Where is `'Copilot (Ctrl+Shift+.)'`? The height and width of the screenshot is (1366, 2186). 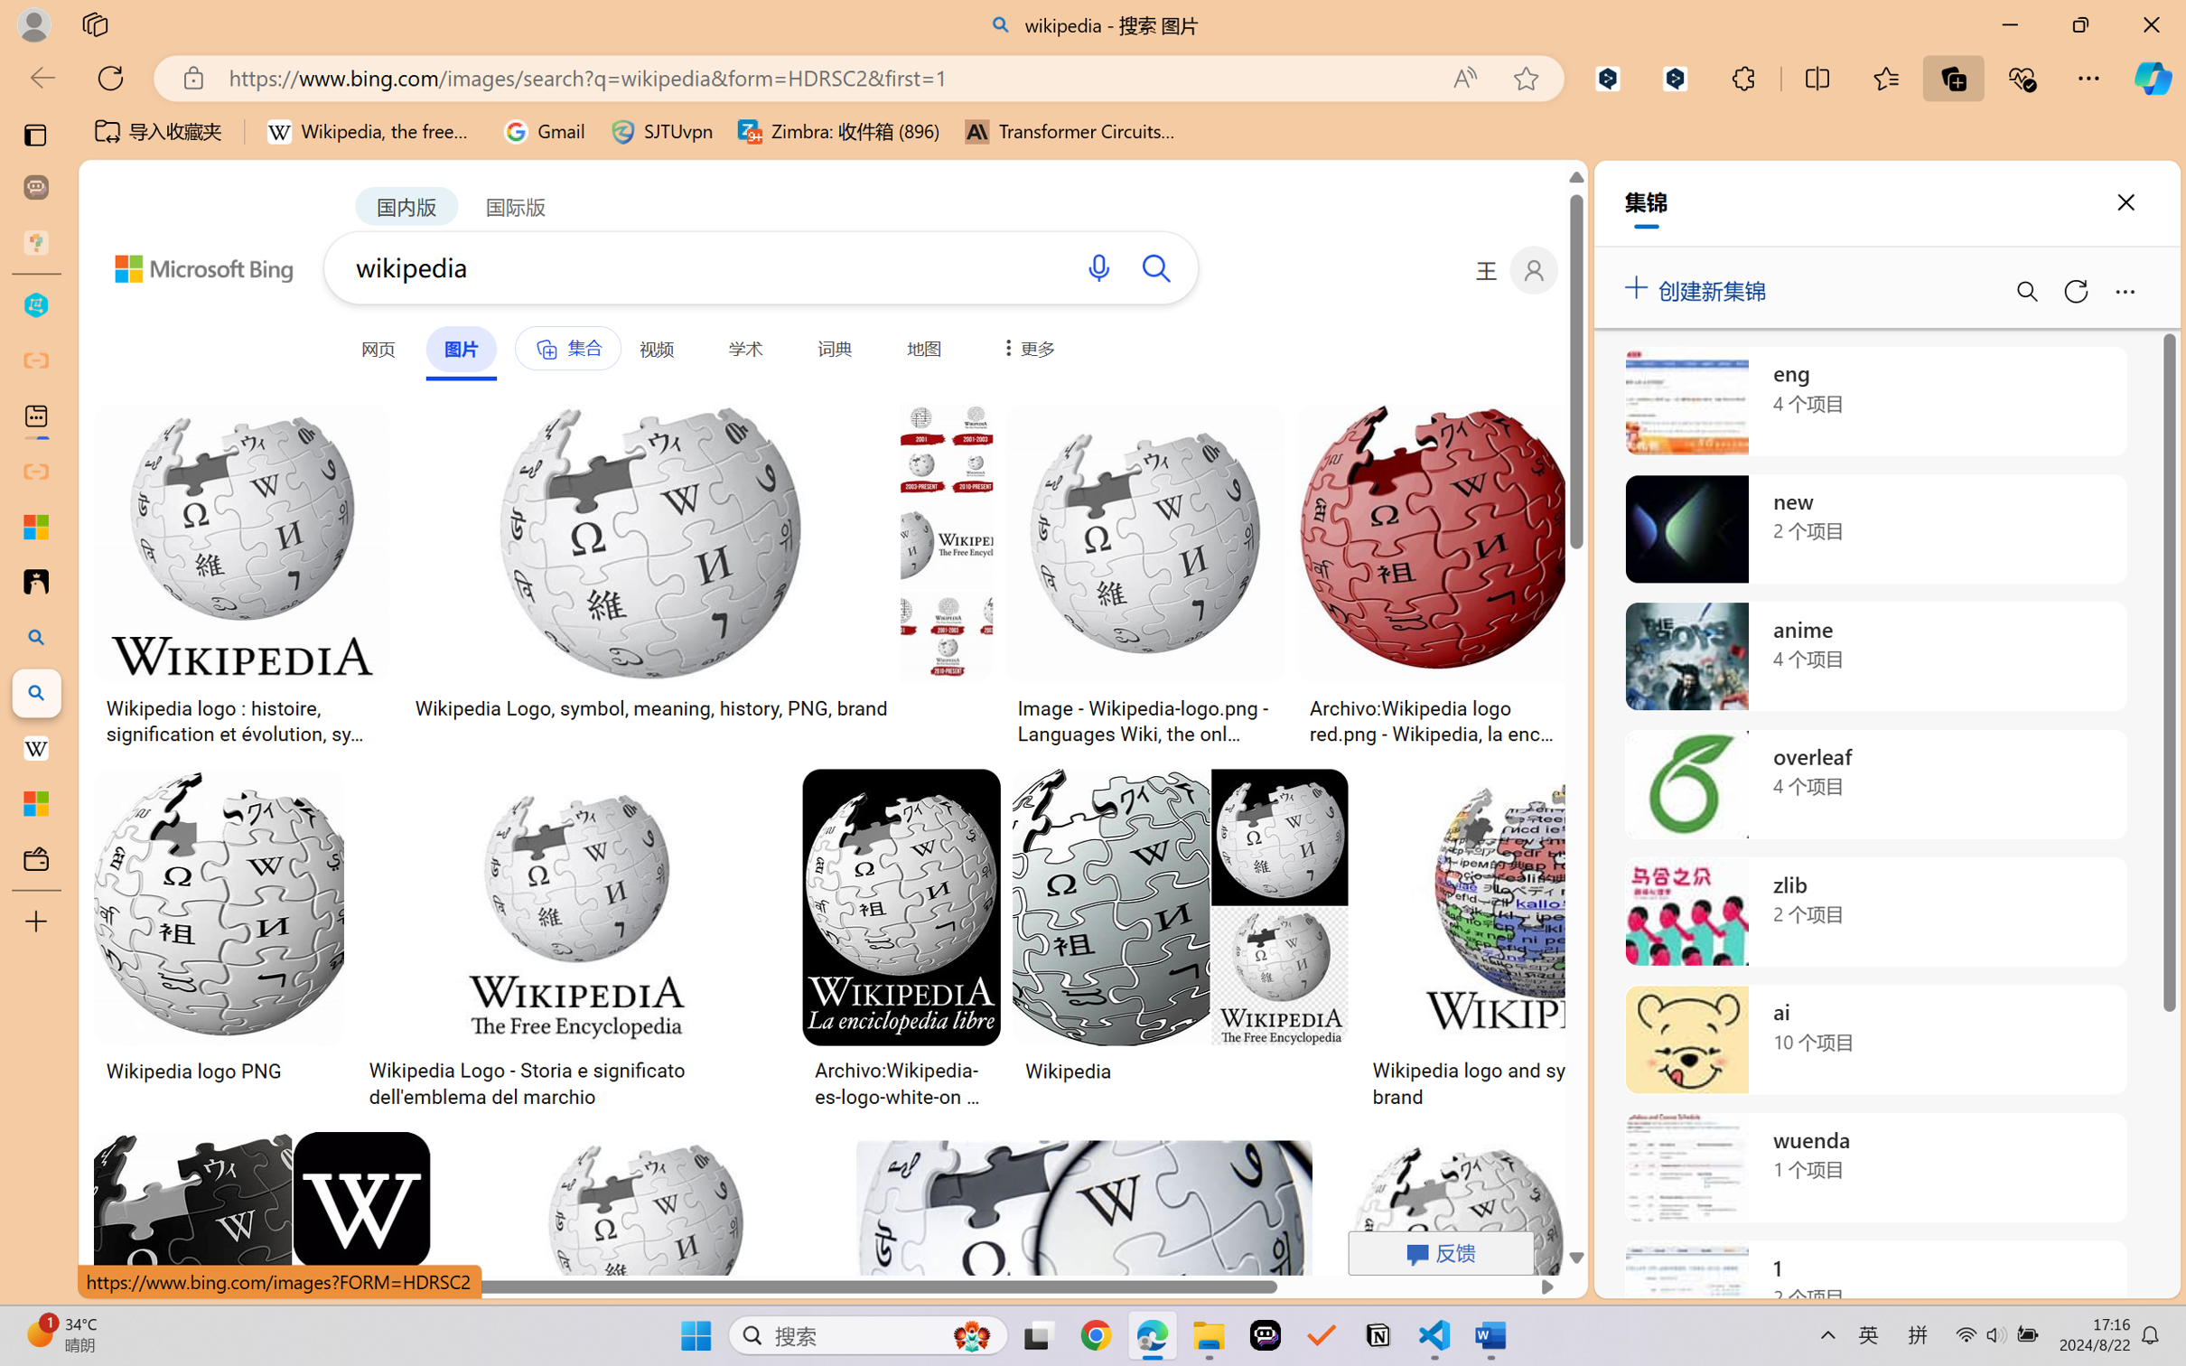 'Copilot (Ctrl+Shift+.)' is located at coordinates (2153, 78).